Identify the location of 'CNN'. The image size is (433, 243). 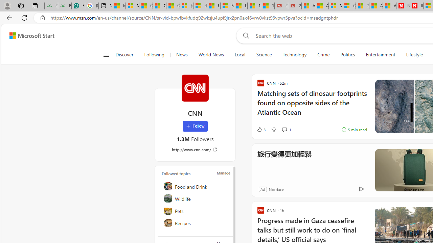
(195, 88).